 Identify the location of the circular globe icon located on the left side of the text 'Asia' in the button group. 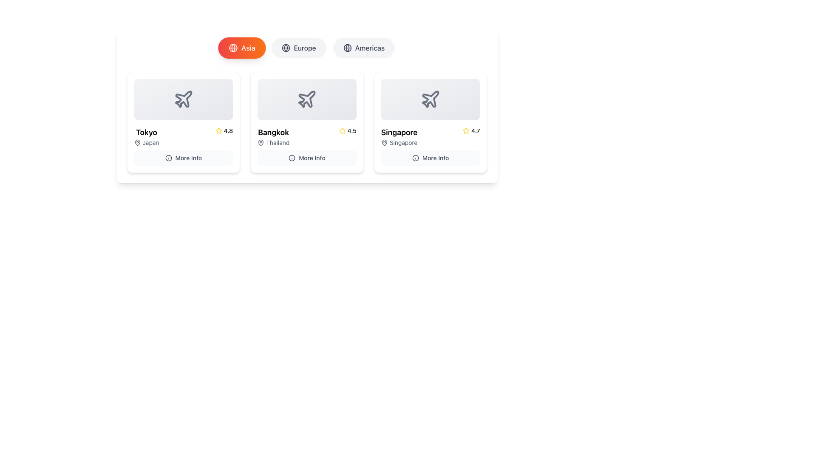
(233, 48).